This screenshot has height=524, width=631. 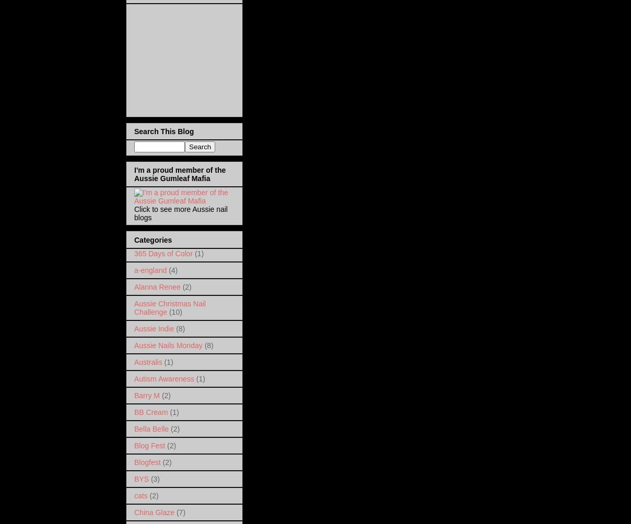 I want to click on '365 Days of Color', so click(x=162, y=253).